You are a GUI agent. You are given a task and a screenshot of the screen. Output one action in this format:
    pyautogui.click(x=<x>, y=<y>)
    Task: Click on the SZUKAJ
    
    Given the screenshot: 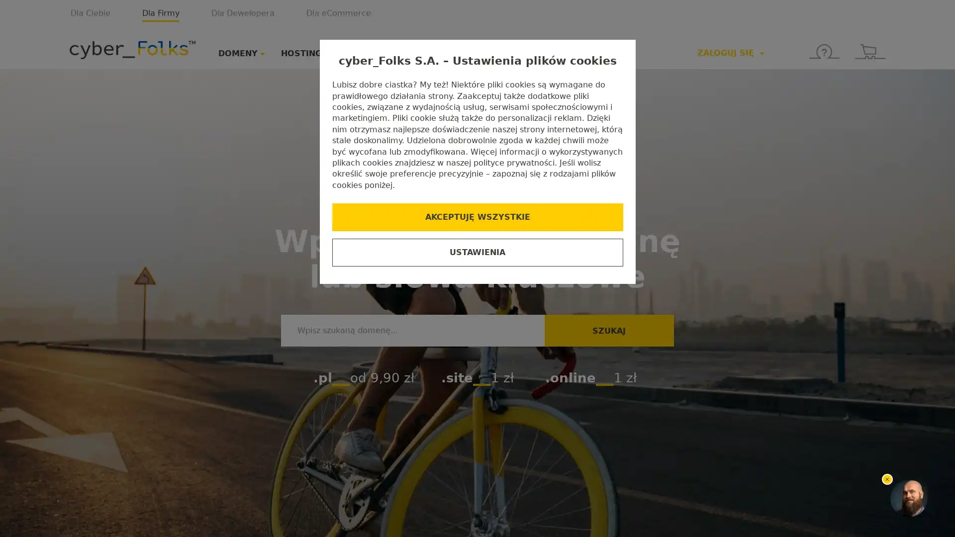 What is the action you would take?
    pyautogui.click(x=608, y=330)
    